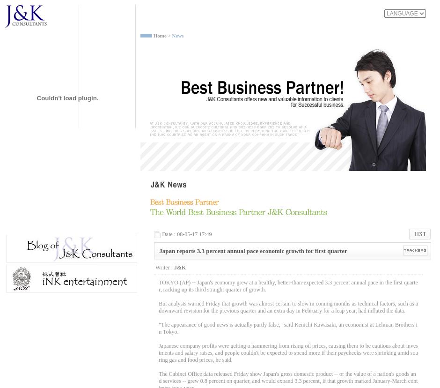 This screenshot has width=440, height=388. Describe the element at coordinates (171, 36) in the screenshot. I see `'News'` at that location.